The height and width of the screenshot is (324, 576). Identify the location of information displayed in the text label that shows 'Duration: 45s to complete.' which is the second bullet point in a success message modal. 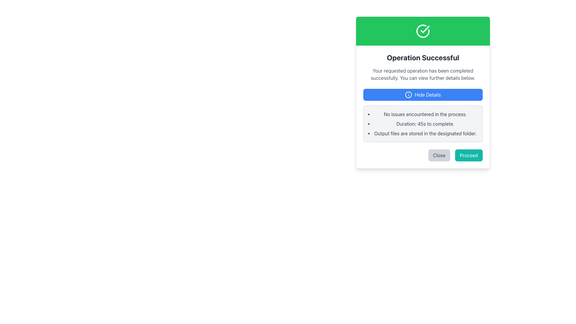
(425, 123).